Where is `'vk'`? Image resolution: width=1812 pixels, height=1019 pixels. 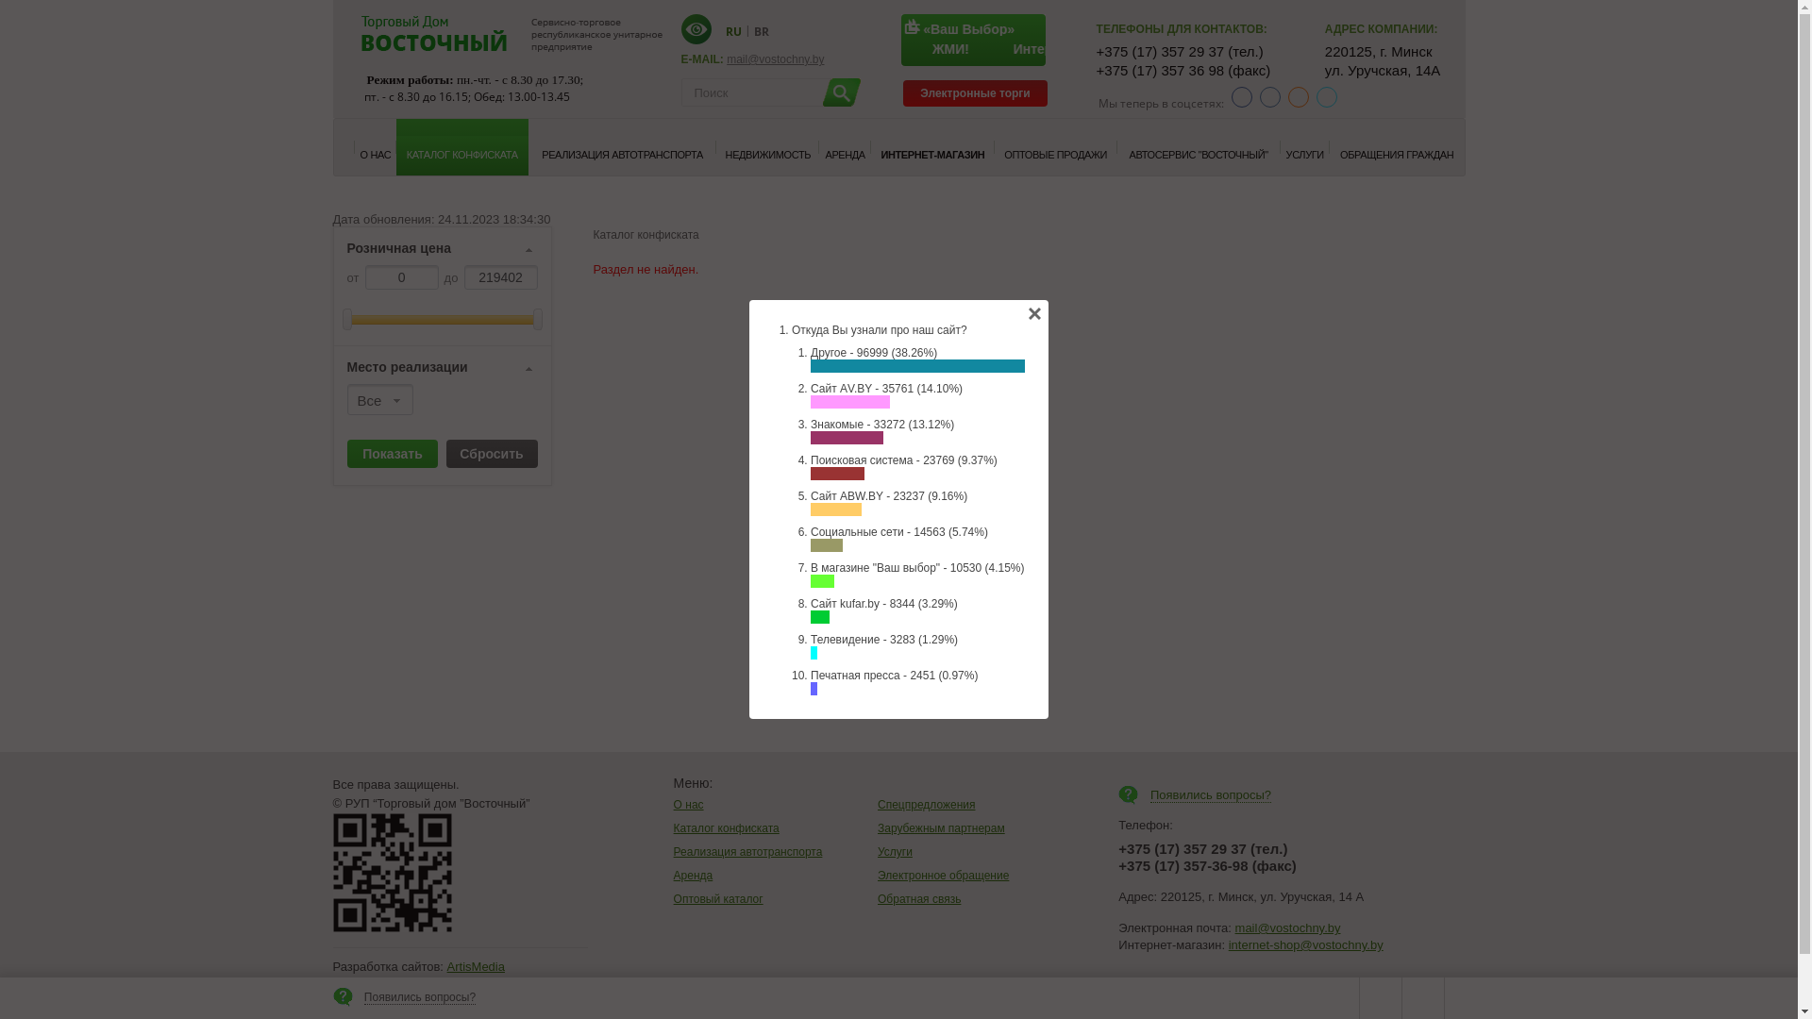 'vk' is located at coordinates (1269, 97).